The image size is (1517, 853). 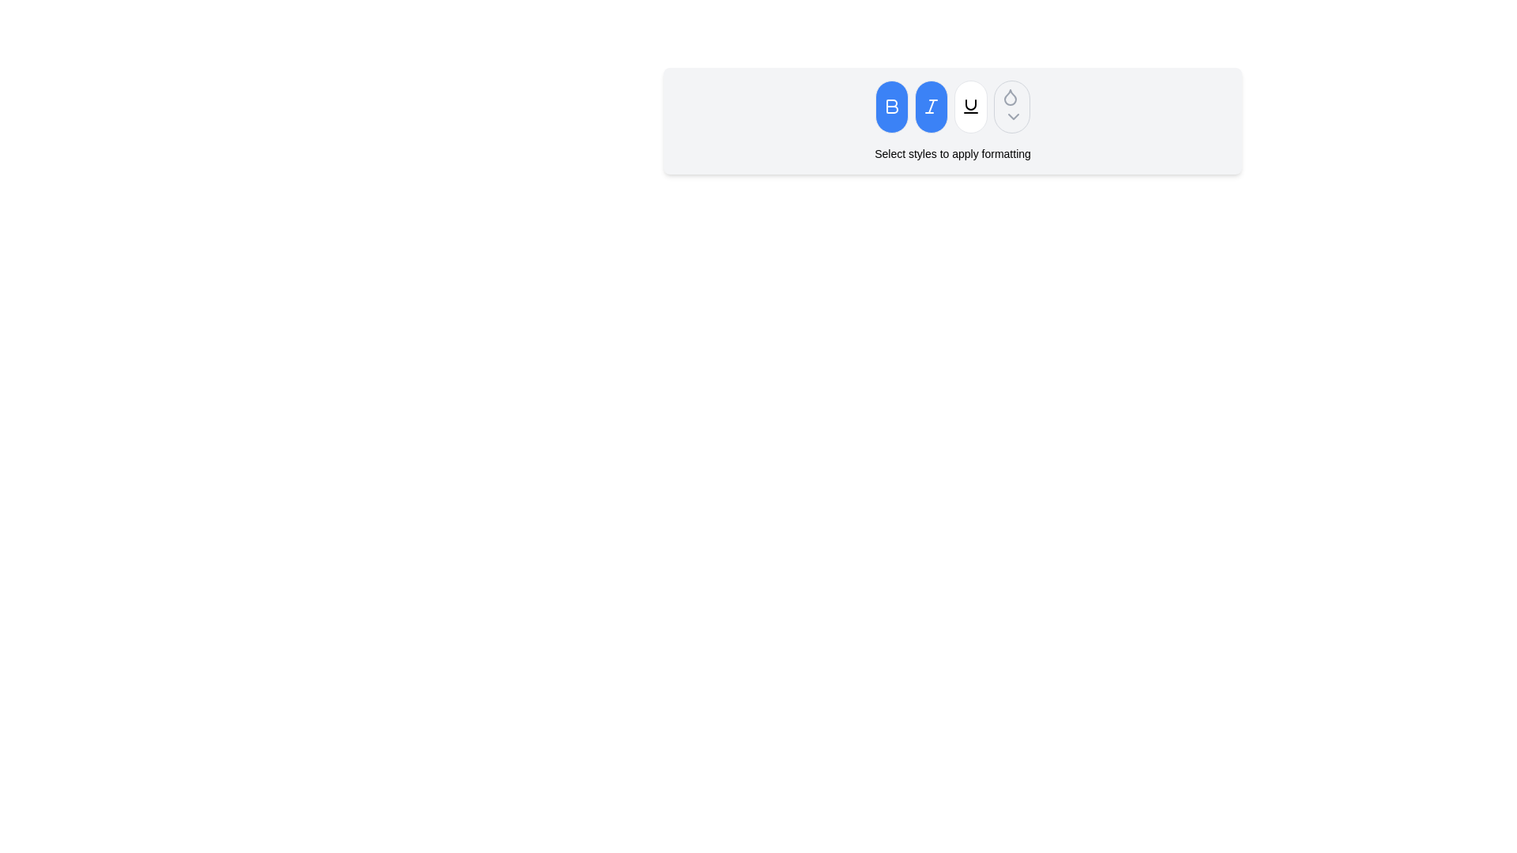 I want to click on the Bold Formatting Icon, which is represented by a stylized 'B' in an SVG format, so click(x=892, y=107).